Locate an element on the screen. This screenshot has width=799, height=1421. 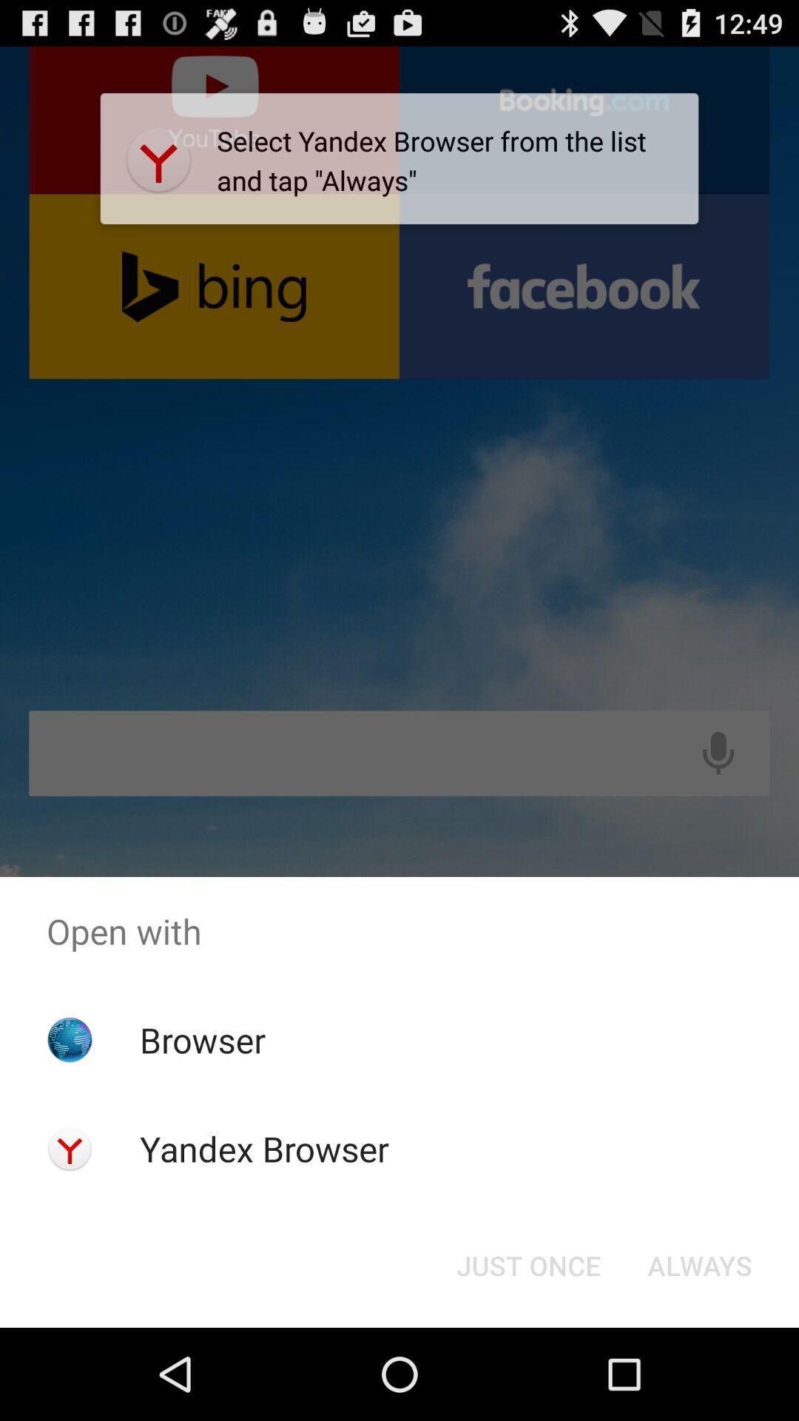
the icon at the bottom right corner is located at coordinates (699, 1264).